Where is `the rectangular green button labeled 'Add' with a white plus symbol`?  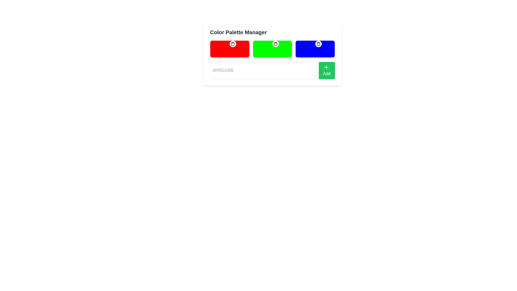 the rectangular green button labeled 'Add' with a white plus symbol is located at coordinates (326, 70).